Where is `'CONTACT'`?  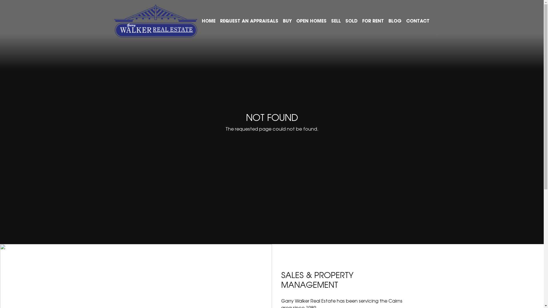 'CONTACT' is located at coordinates (403, 21).